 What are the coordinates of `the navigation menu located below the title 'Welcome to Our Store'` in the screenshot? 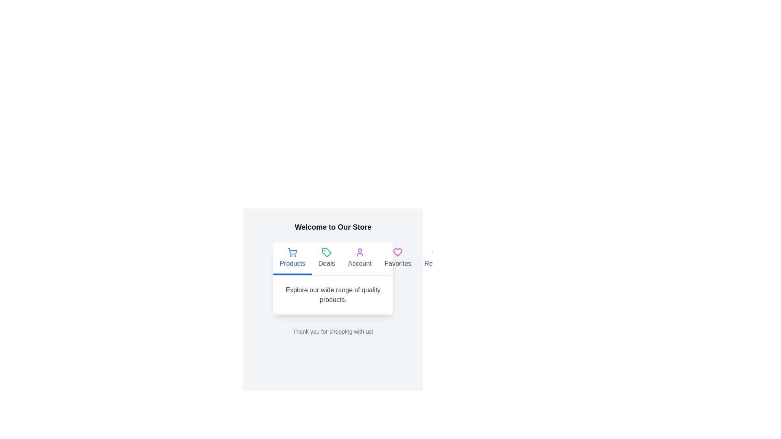 It's located at (333, 259).